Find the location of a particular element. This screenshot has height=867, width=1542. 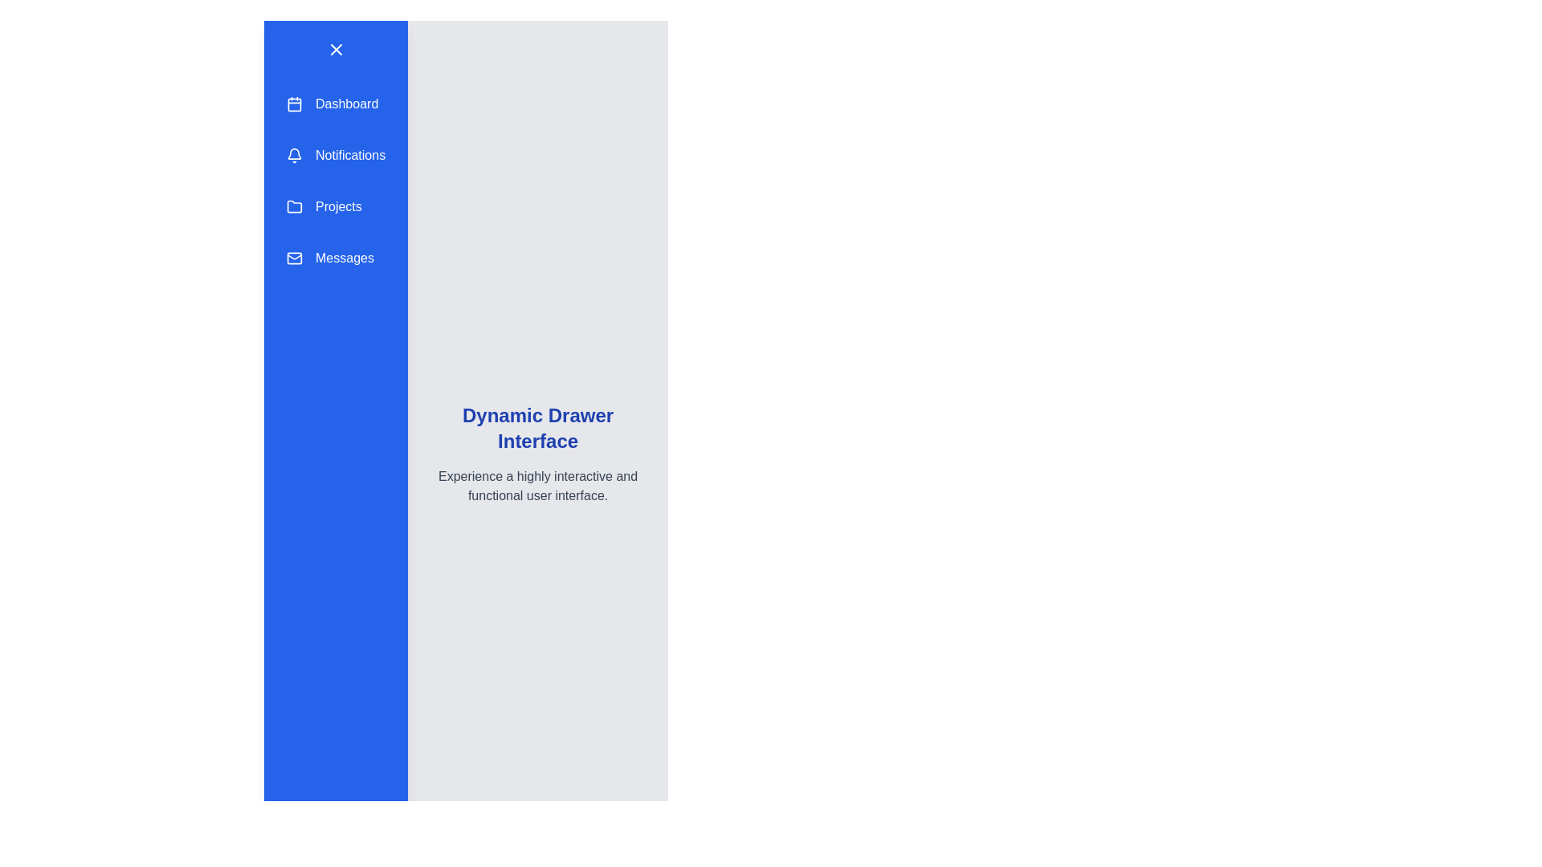

the menu option Projects to see the hover effect is located at coordinates (335, 206).